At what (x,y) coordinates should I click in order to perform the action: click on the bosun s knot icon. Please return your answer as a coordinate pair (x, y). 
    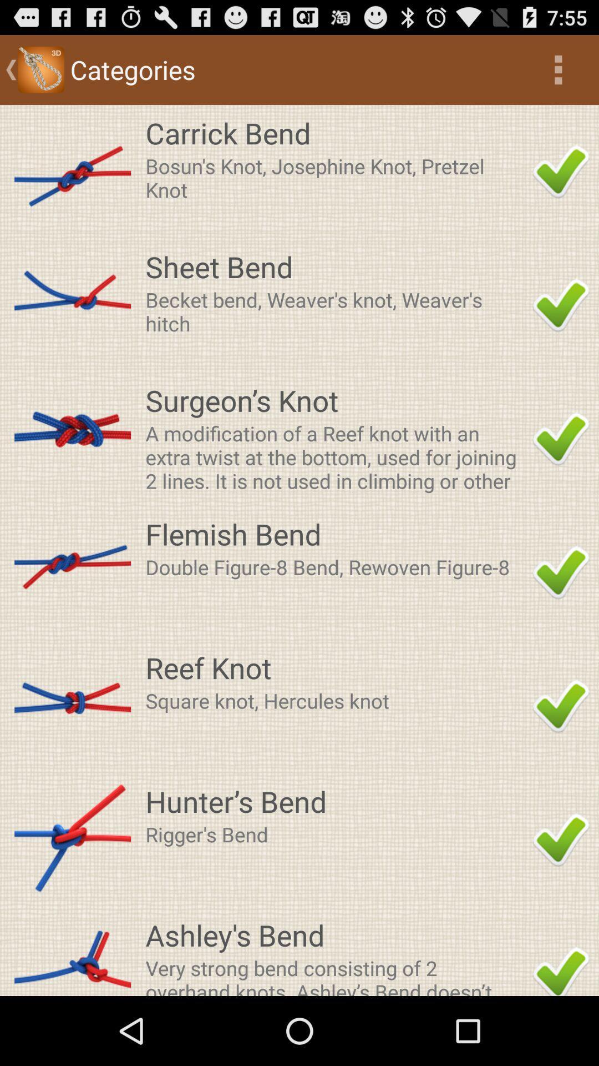
    Looking at the image, I should click on (335, 178).